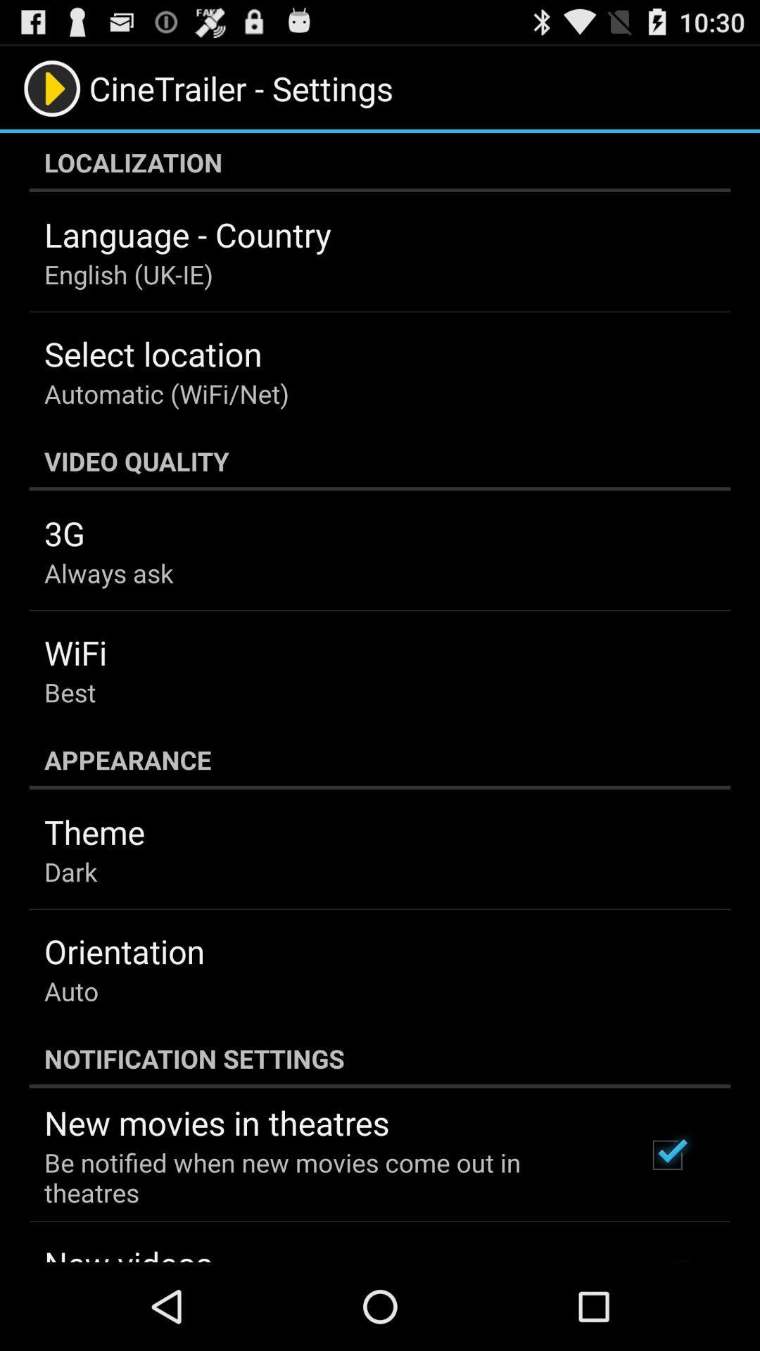 This screenshot has width=760, height=1351. What do you see at coordinates (124, 951) in the screenshot?
I see `the orientation item` at bounding box center [124, 951].